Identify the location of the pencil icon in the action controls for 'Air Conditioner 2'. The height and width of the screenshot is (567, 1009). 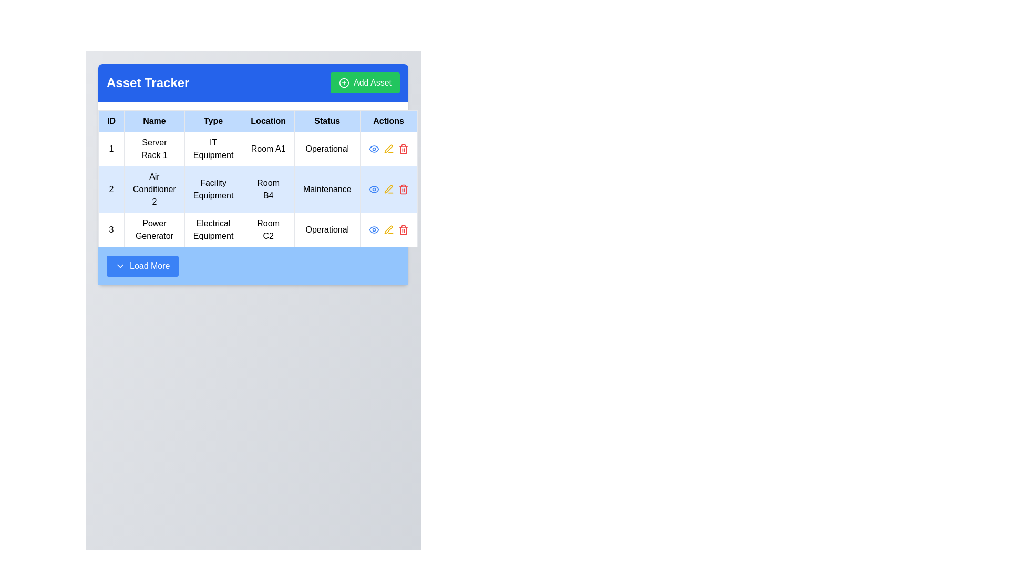
(388, 190).